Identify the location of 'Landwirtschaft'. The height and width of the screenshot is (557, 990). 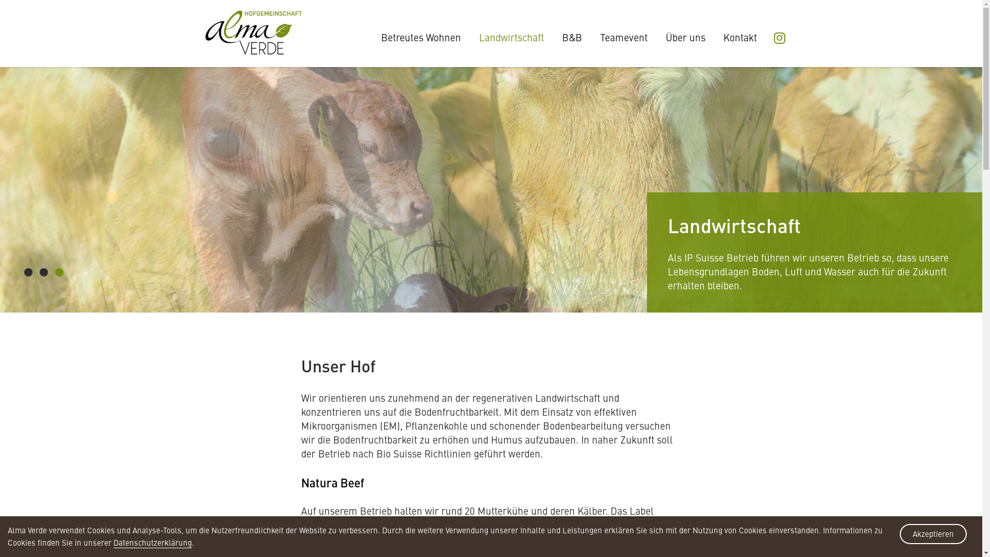
(477, 37).